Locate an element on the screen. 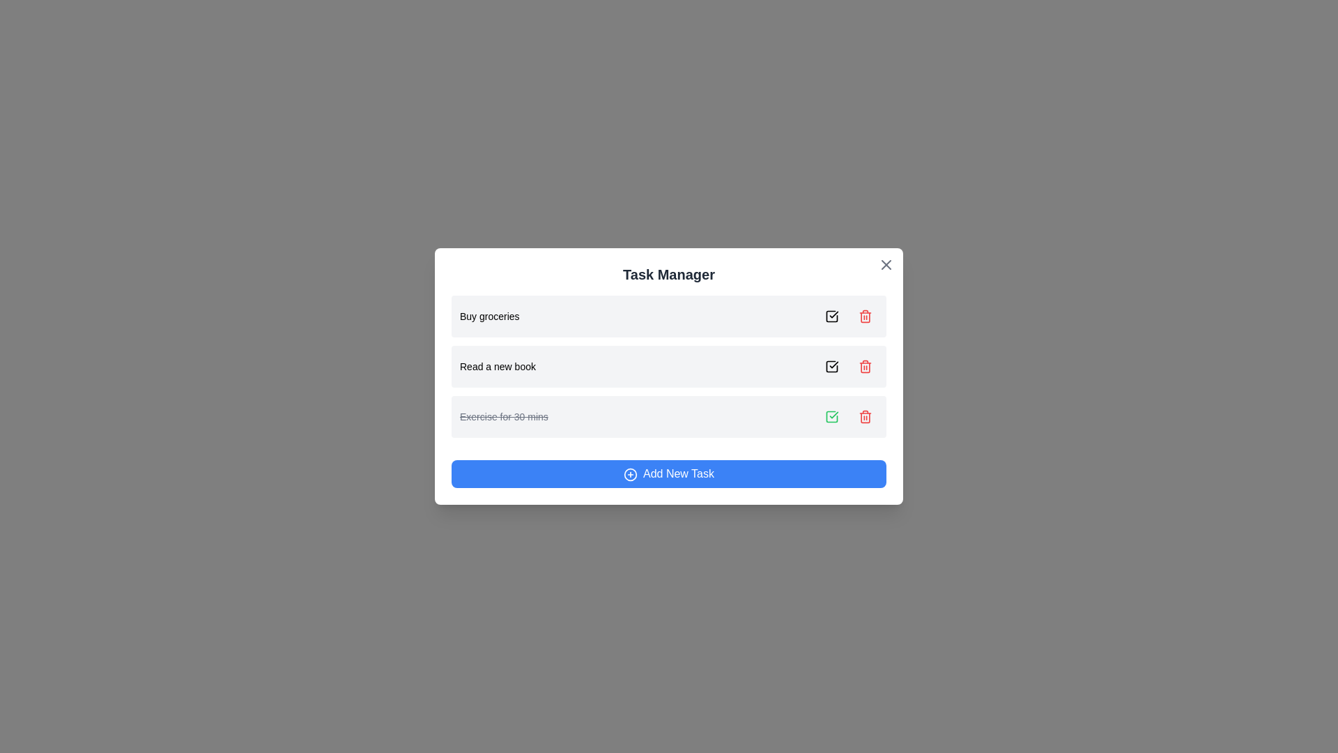  the Checkbox-like icon next to 'Read a new book' to mark the task as complete is located at coordinates (832, 365).